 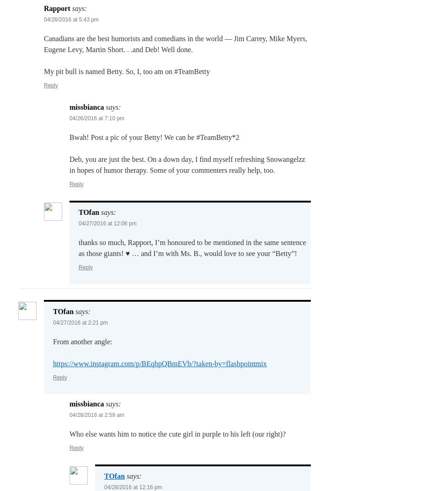 What do you see at coordinates (78, 247) in the screenshot?
I see `'thanks so much, Rapport, I’m honoured to be mentioned in the same sentence as those giants! ♥ … and I’m with Ms. B., would love to see your “Betty”!'` at bounding box center [78, 247].